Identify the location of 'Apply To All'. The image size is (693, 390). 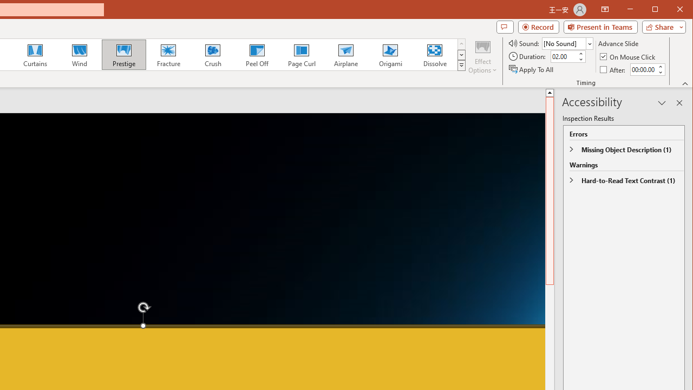
(532, 69).